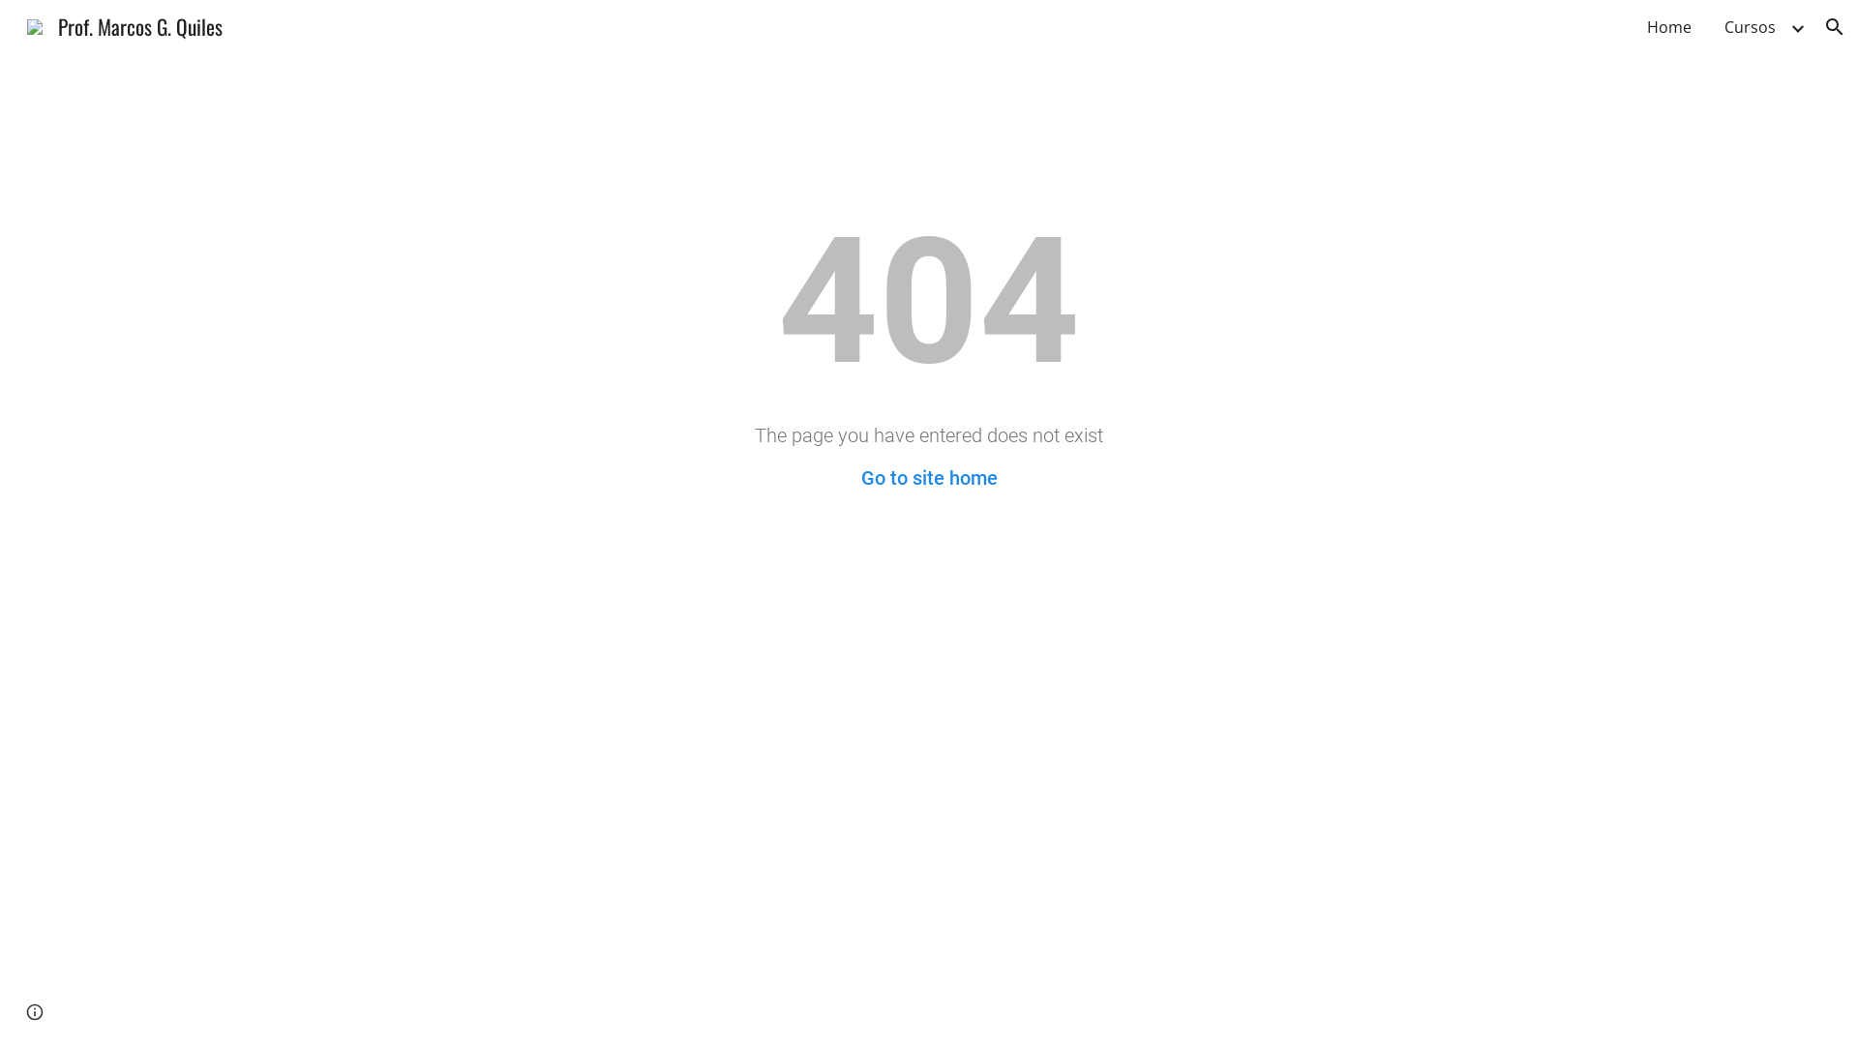 The width and height of the screenshot is (1858, 1045). I want to click on 'Cursos', so click(1750, 26).